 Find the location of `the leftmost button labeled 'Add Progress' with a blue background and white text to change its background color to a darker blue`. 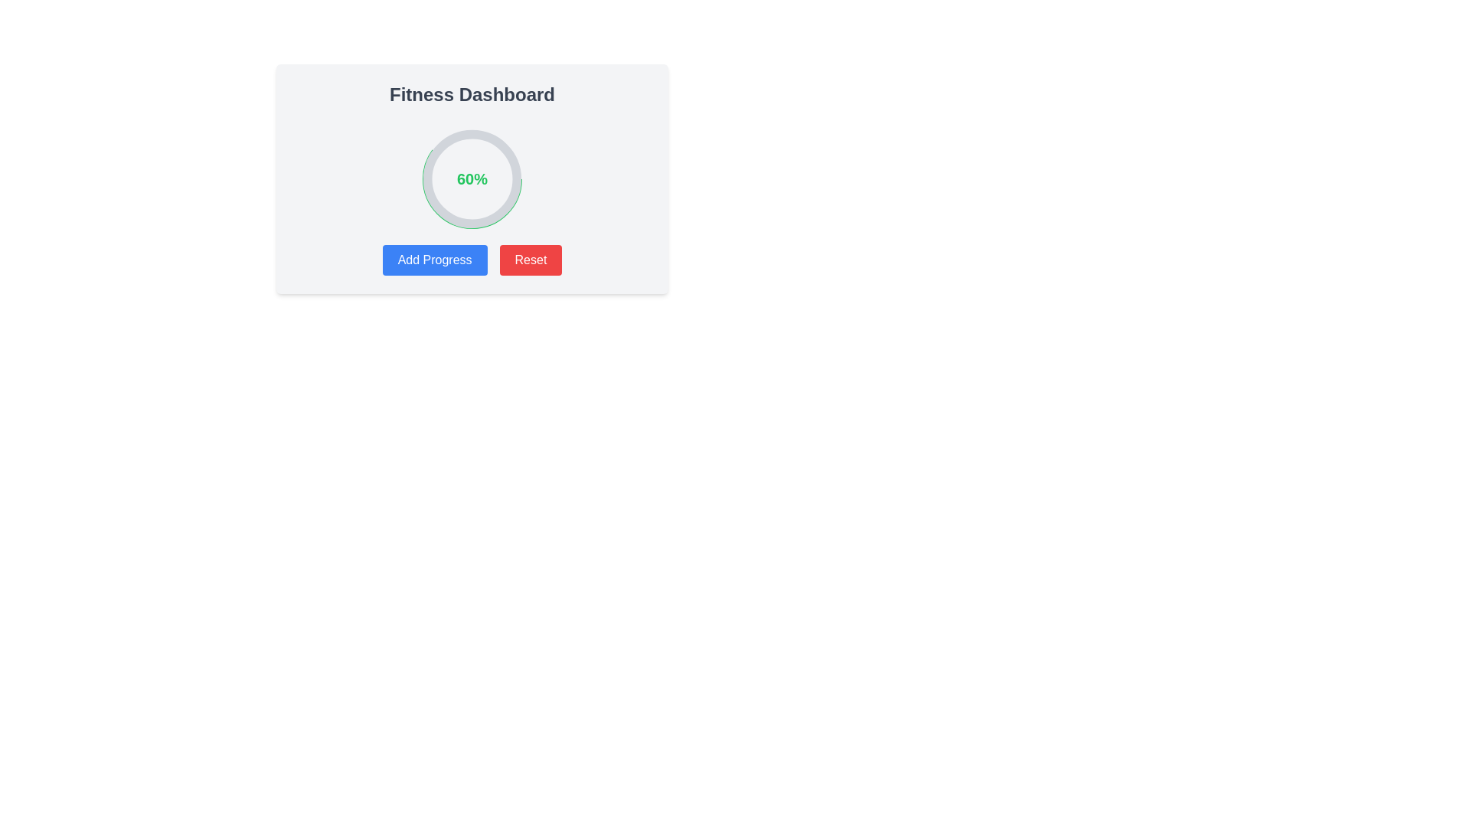

the leftmost button labeled 'Add Progress' with a blue background and white text to change its background color to a darker blue is located at coordinates (434, 259).